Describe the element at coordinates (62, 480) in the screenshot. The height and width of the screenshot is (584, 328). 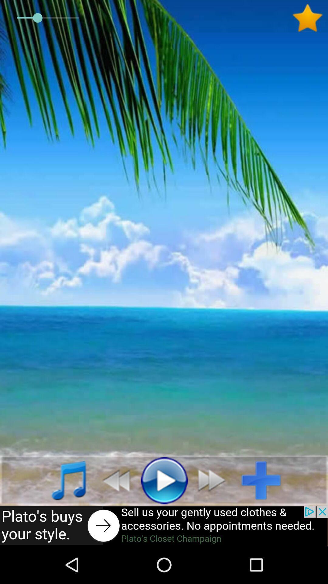
I see `music button` at that location.